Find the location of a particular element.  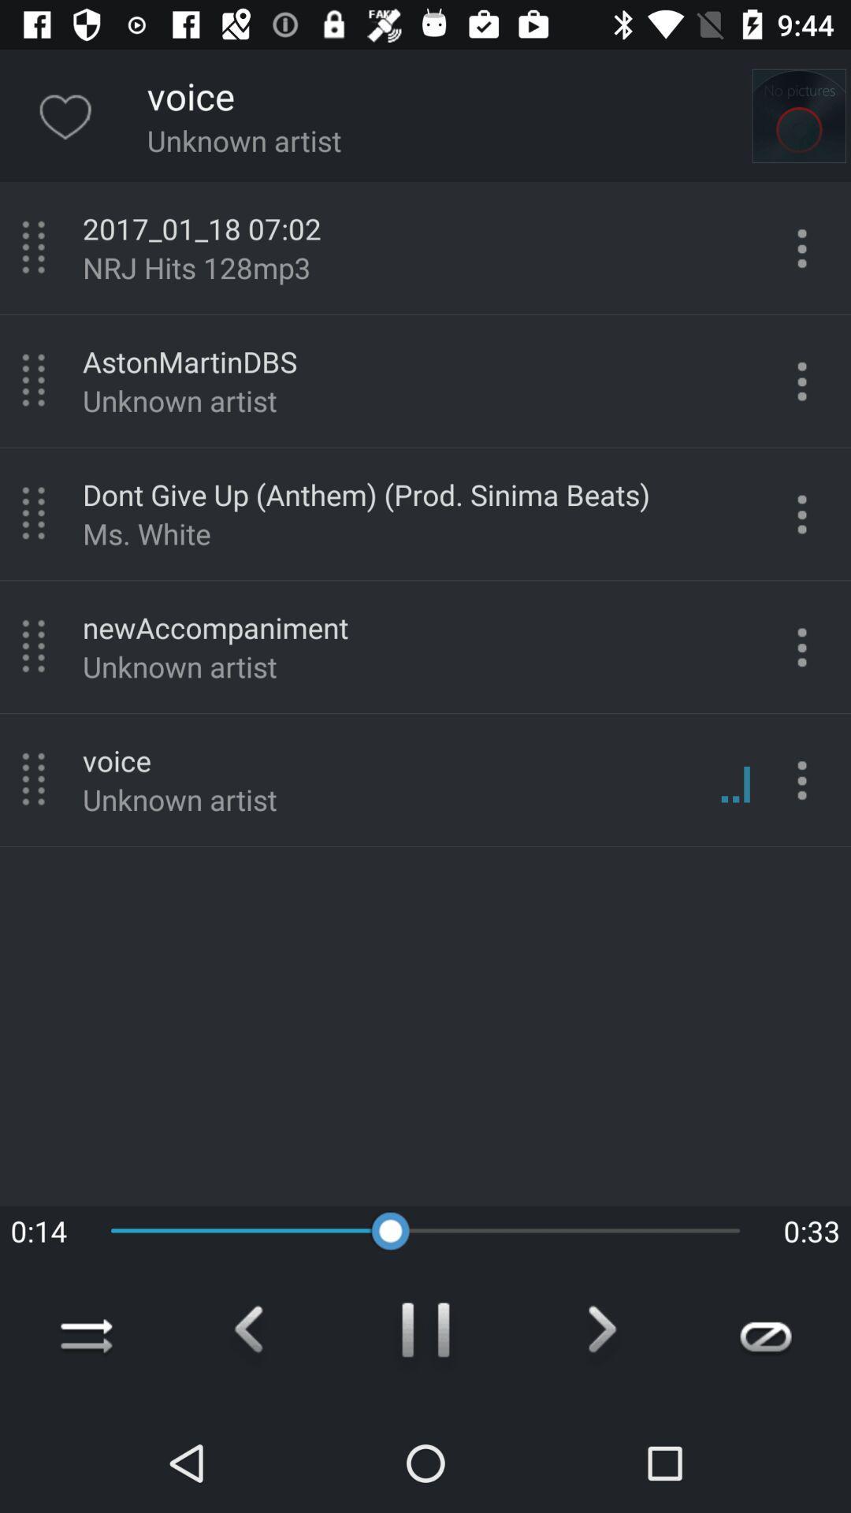

the pause icon is located at coordinates (425, 1333).